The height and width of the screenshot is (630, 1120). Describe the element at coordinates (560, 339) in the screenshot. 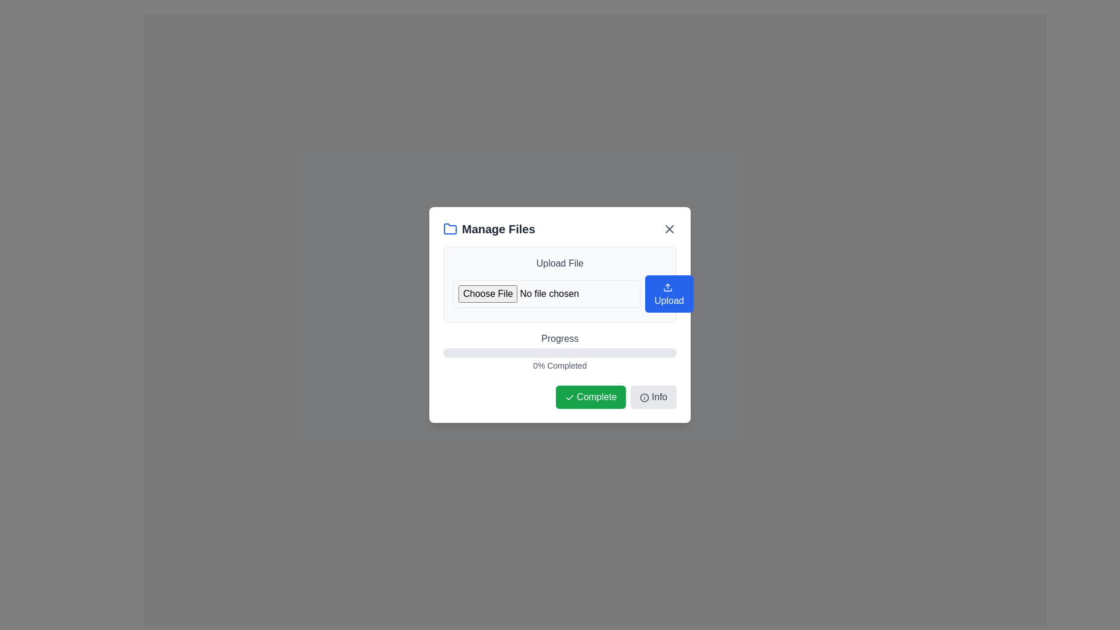

I see `the static text label displaying the word 'Progress', which is located in the central part of a modal dialog related to file uploading` at that location.